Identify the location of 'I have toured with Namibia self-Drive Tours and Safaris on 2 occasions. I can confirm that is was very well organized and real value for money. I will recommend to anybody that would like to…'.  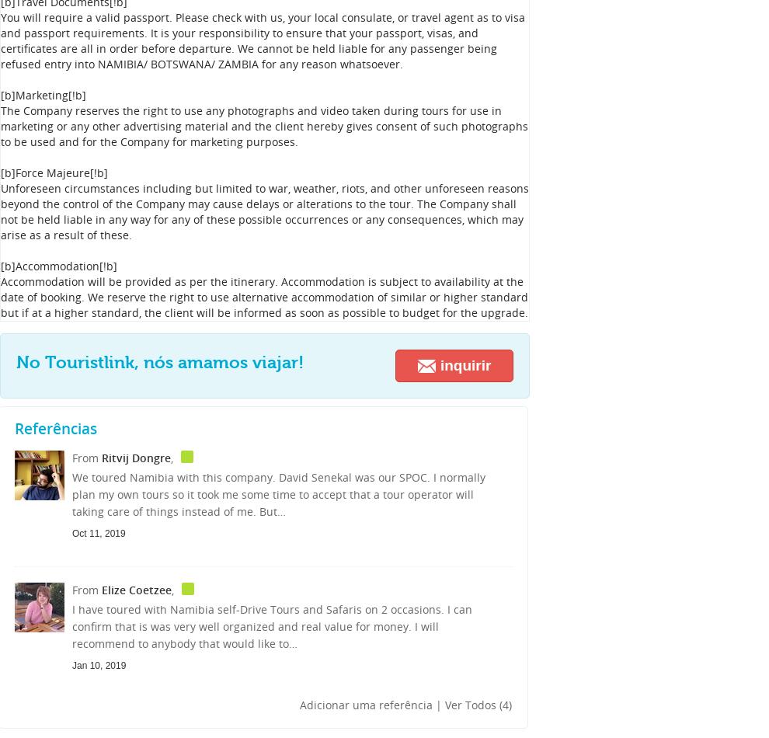
(272, 625).